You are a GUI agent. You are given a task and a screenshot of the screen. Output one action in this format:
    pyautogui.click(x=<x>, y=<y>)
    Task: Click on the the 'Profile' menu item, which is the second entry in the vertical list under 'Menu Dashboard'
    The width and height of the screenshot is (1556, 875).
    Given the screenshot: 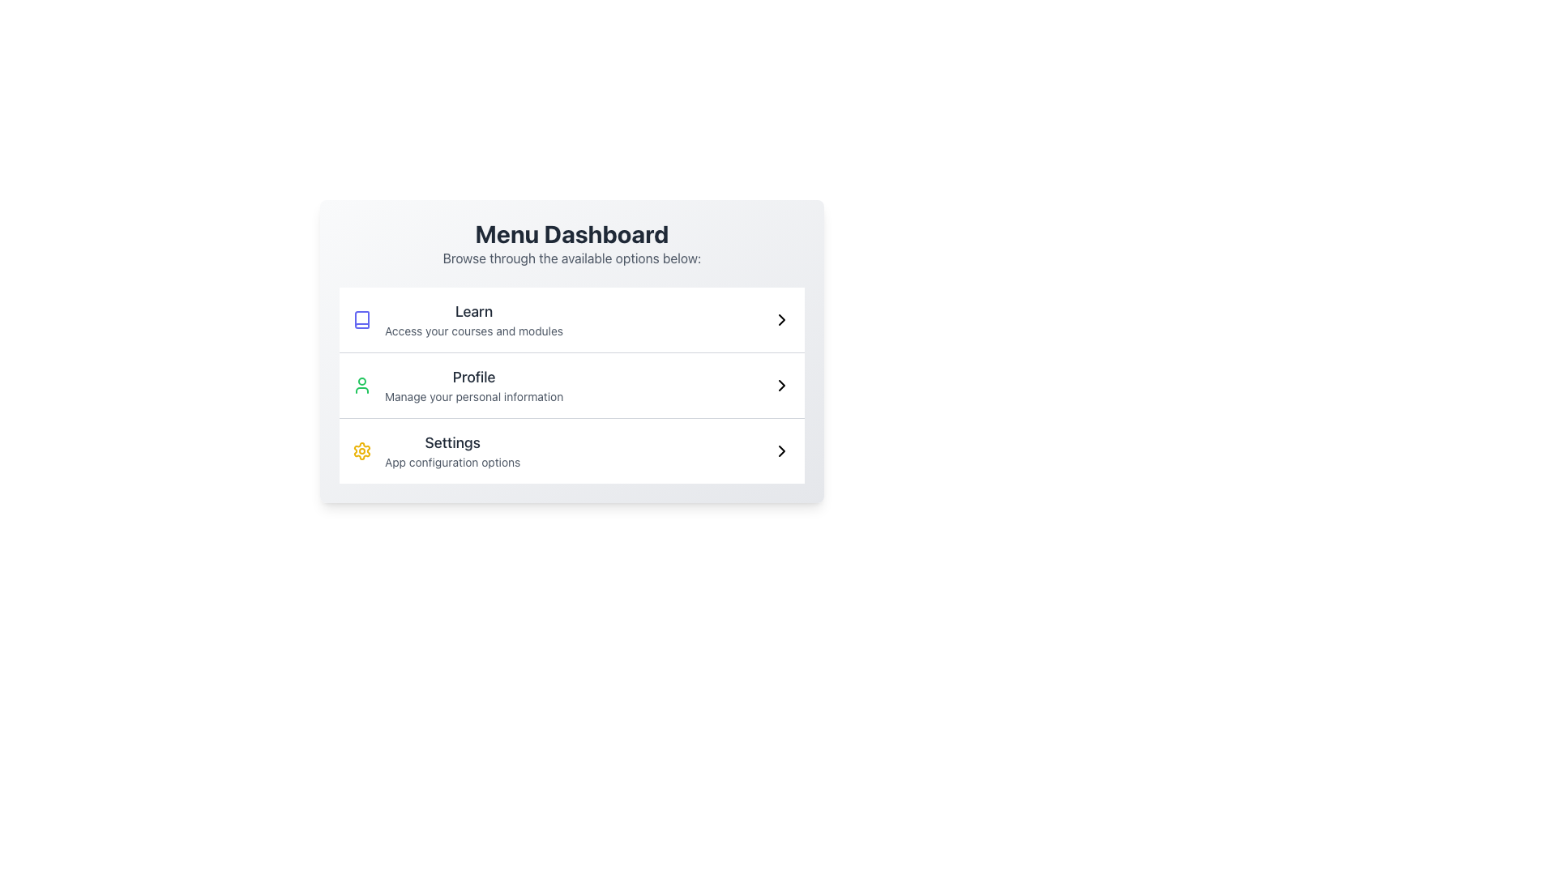 What is the action you would take?
    pyautogui.click(x=571, y=385)
    